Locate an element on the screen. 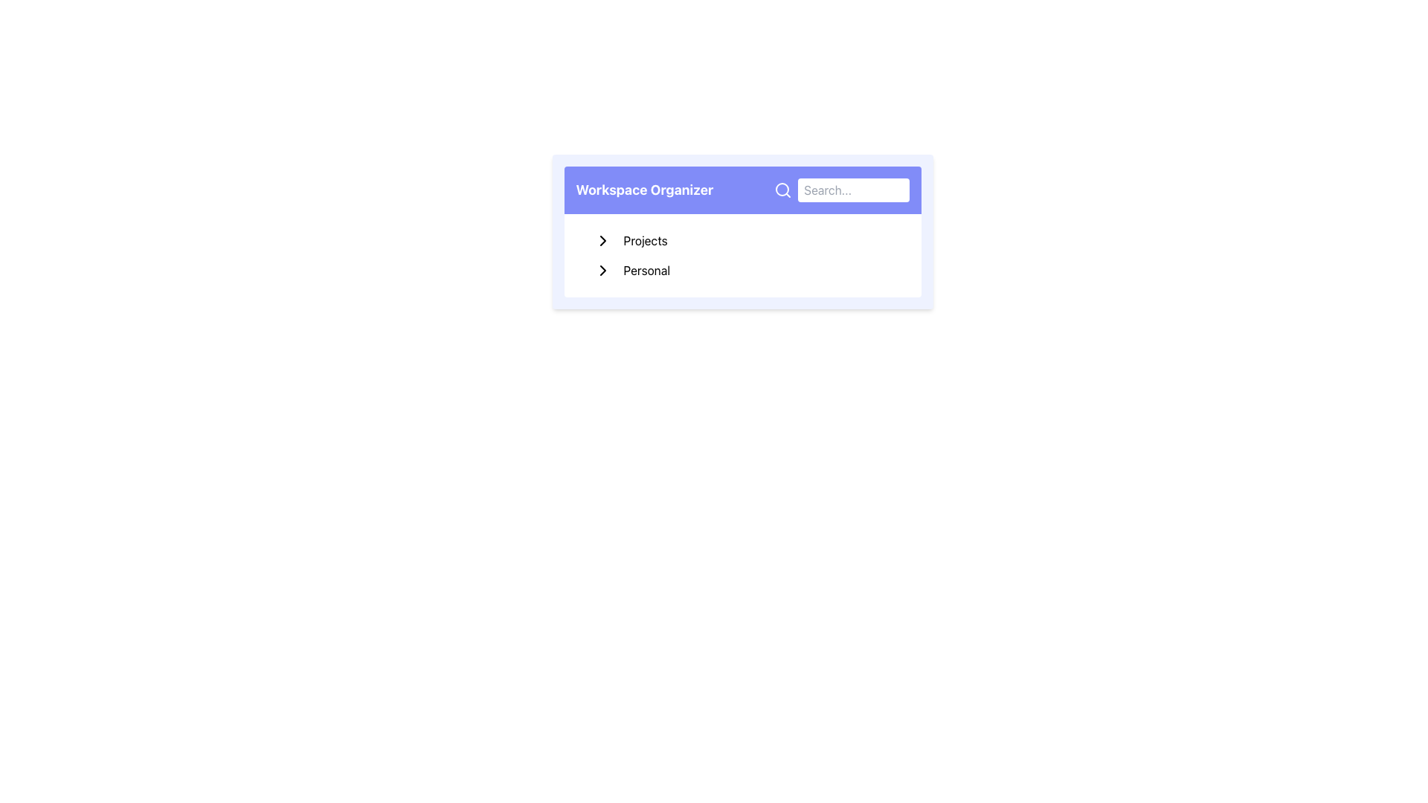 This screenshot has height=803, width=1428. the first menu item in the vertically-stacked menu is located at coordinates (742, 240).